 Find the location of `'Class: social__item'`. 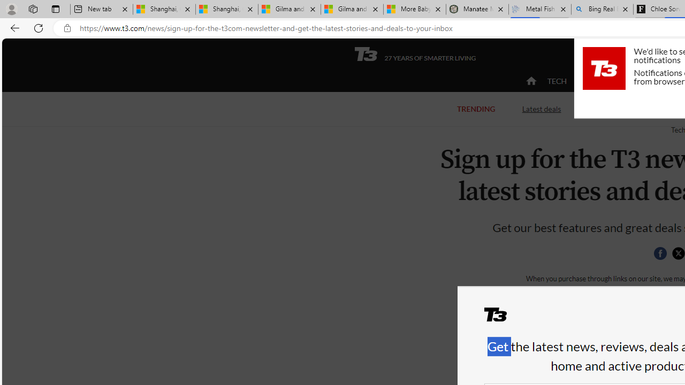

'Class: social__item' is located at coordinates (662, 255).